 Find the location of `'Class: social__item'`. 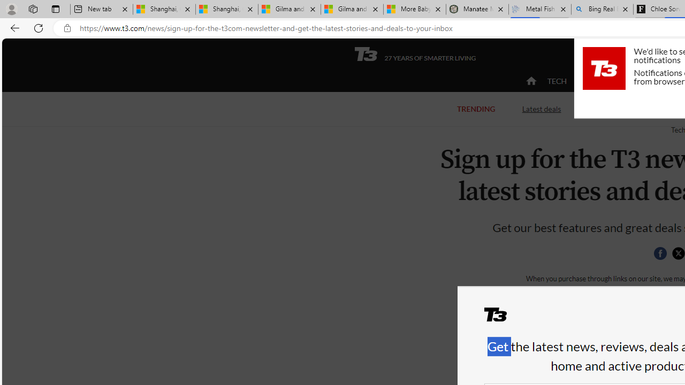

'Class: social__item' is located at coordinates (662, 255).